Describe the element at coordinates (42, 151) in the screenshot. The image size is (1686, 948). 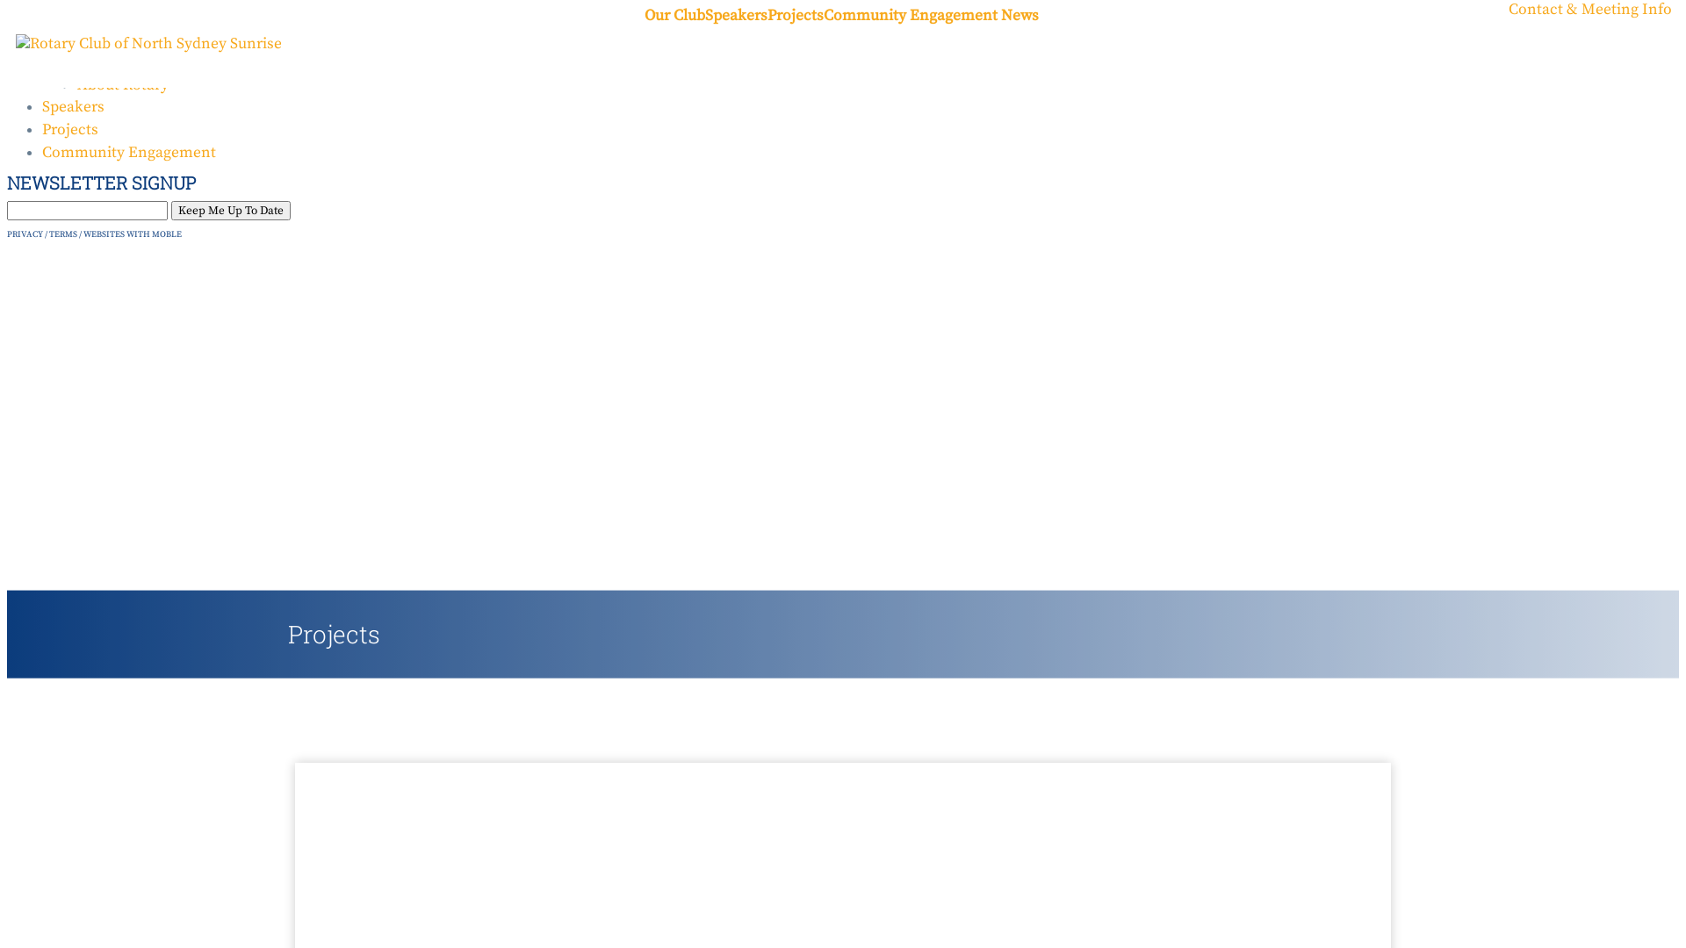
I see `'Community Engagement'` at that location.